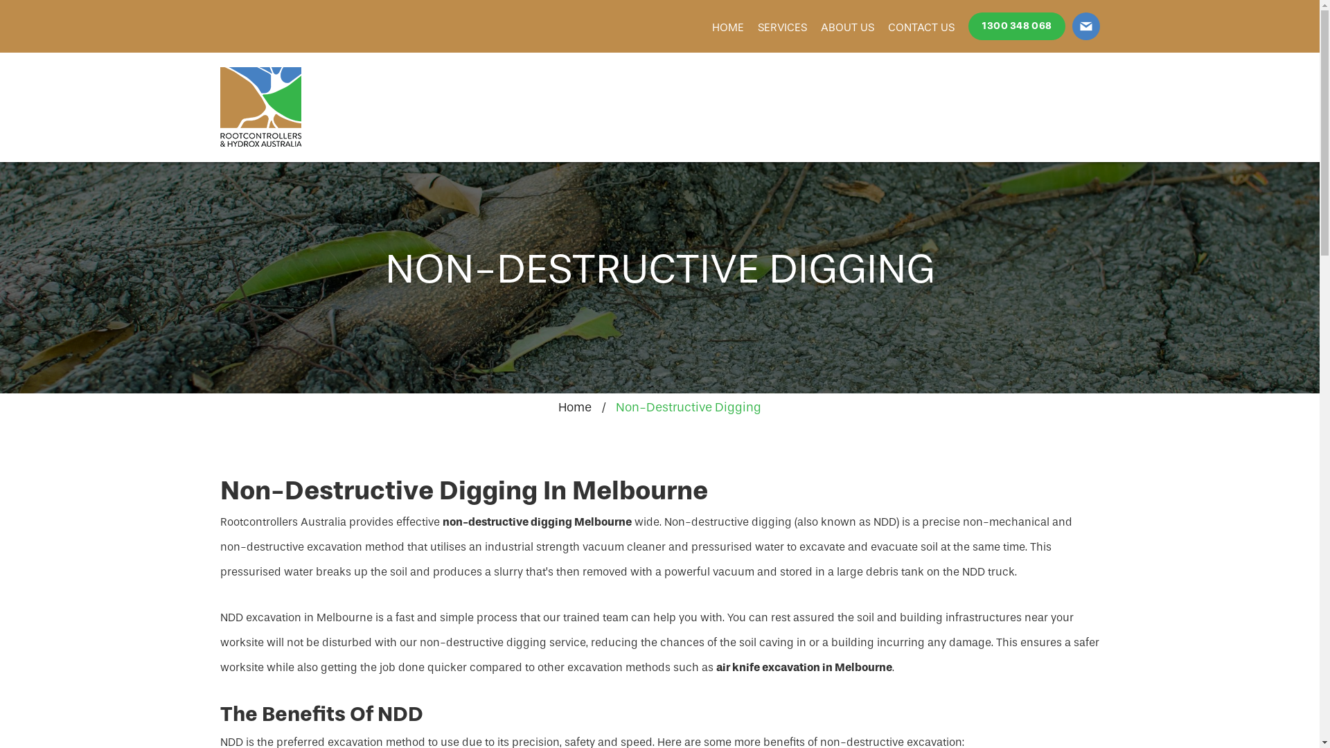 The width and height of the screenshot is (1330, 748). What do you see at coordinates (219, 106) in the screenshot?
I see `'Rootcontrollers & Hydrox Australia'` at bounding box center [219, 106].